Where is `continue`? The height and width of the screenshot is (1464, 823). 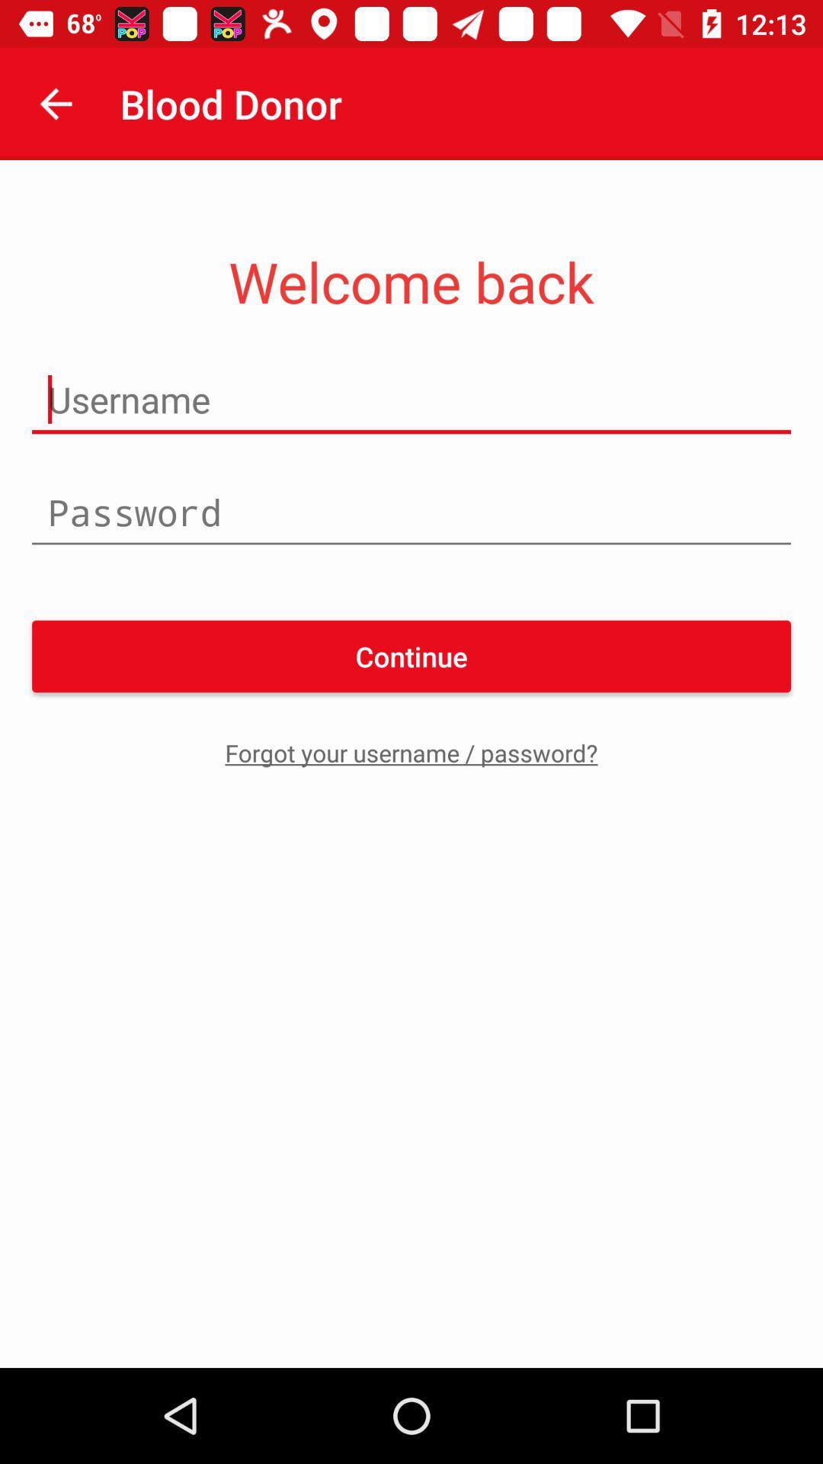 continue is located at coordinates (411, 656).